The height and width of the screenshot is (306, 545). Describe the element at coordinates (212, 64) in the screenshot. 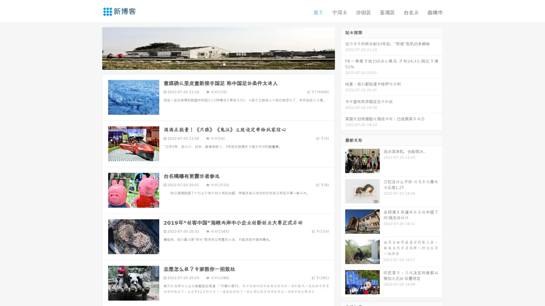

I see `Go to slide 1` at that location.